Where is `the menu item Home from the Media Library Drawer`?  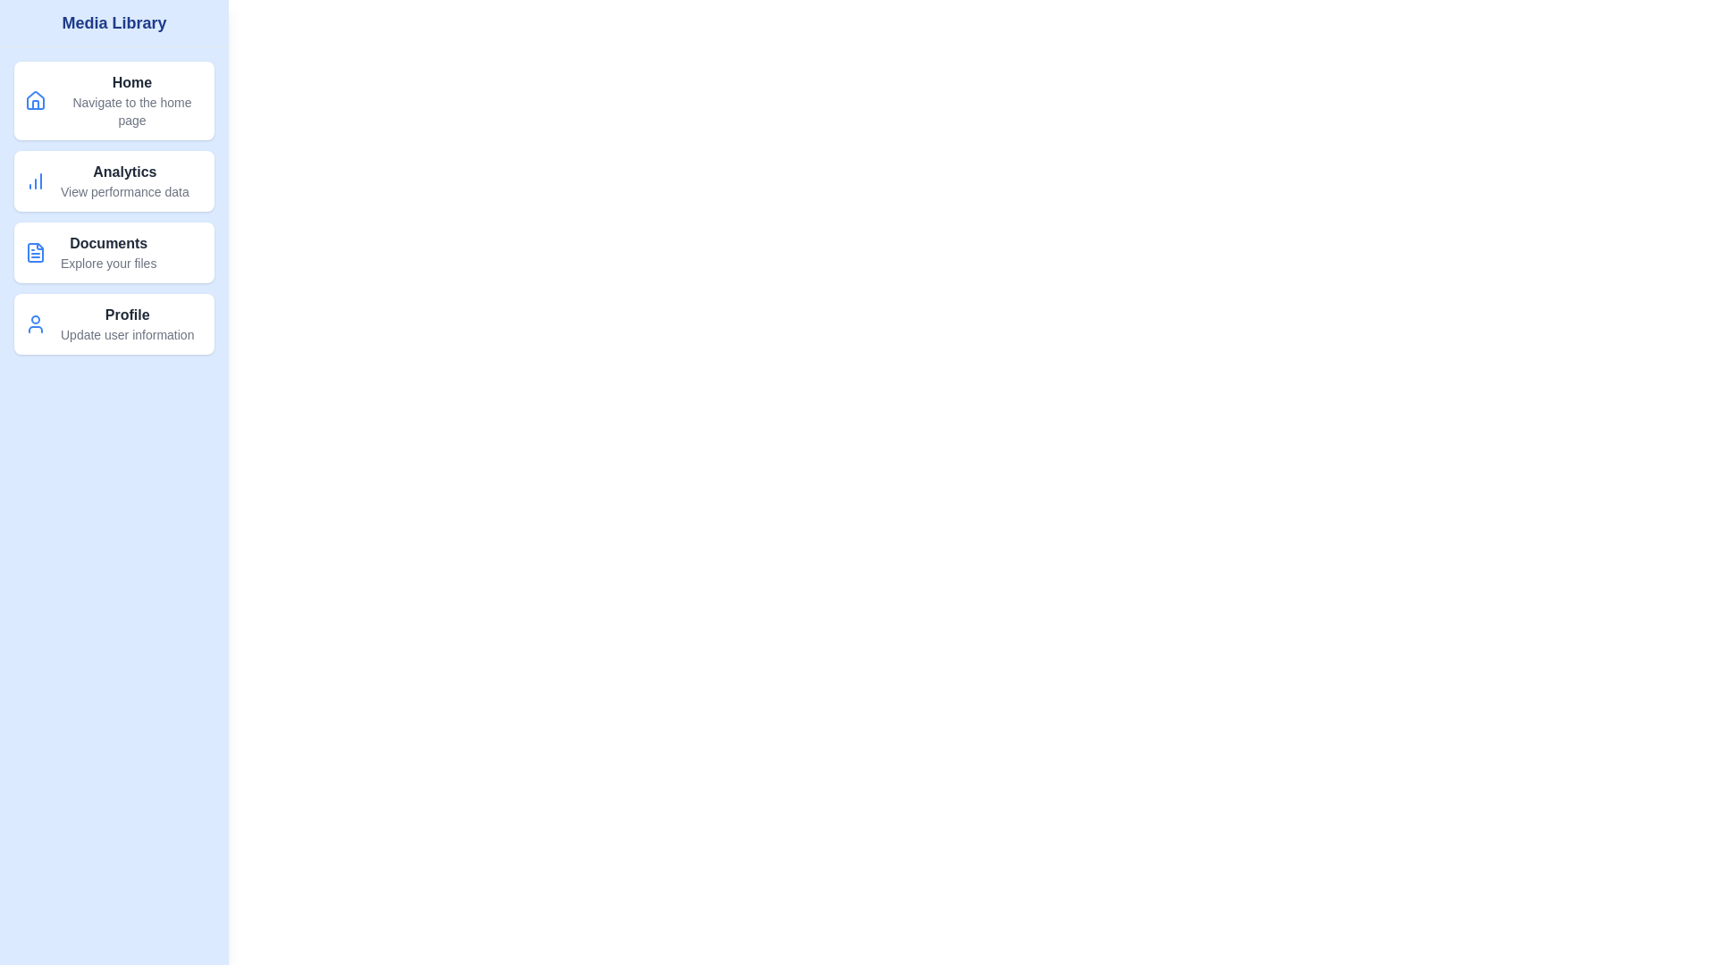
the menu item Home from the Media Library Drawer is located at coordinates (114, 100).